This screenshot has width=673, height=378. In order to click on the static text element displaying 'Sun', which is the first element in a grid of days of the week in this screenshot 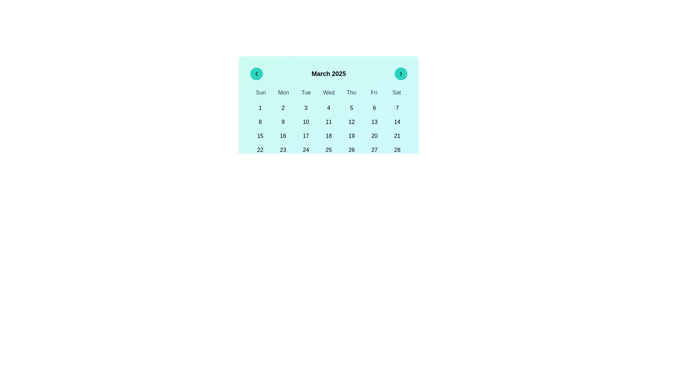, I will do `click(260, 92)`.